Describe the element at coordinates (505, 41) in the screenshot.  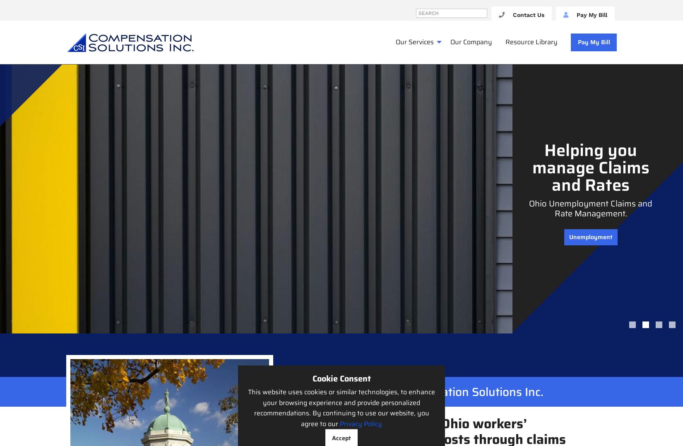
I see `'Resource Library'` at that location.